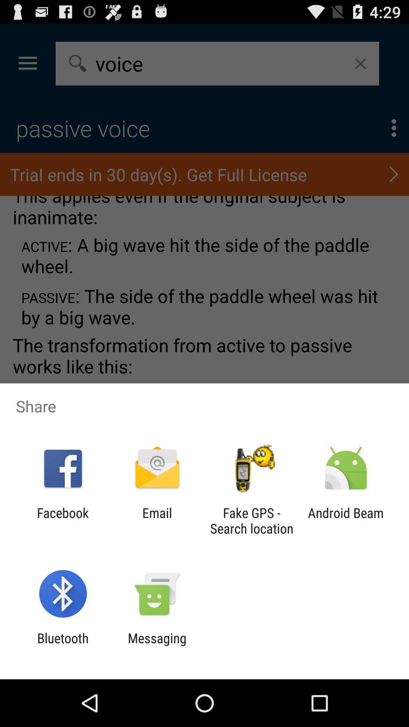  I want to click on app to the left of android beam, so click(251, 520).